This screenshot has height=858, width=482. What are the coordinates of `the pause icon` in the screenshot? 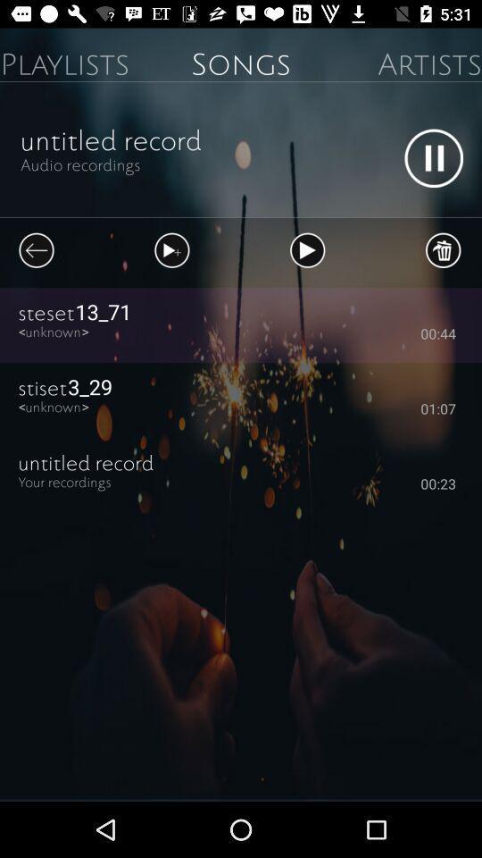 It's located at (433, 157).